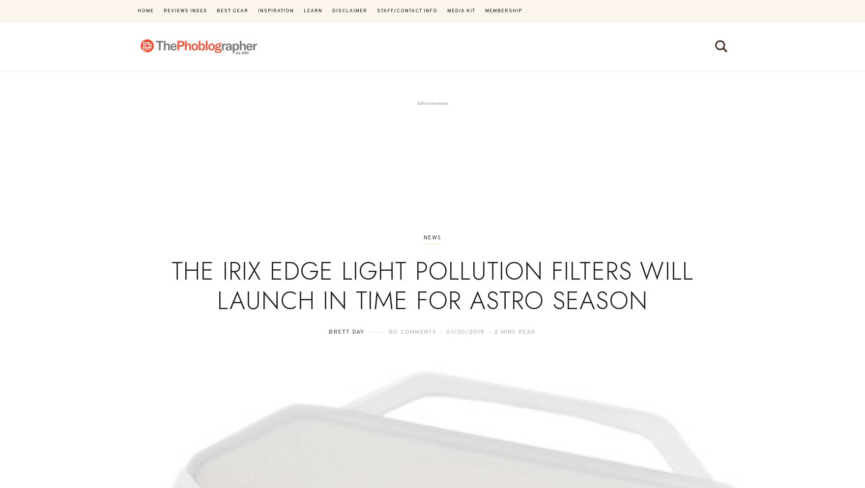 This screenshot has width=865, height=488. Describe the element at coordinates (145, 10) in the screenshot. I see `'Home'` at that location.